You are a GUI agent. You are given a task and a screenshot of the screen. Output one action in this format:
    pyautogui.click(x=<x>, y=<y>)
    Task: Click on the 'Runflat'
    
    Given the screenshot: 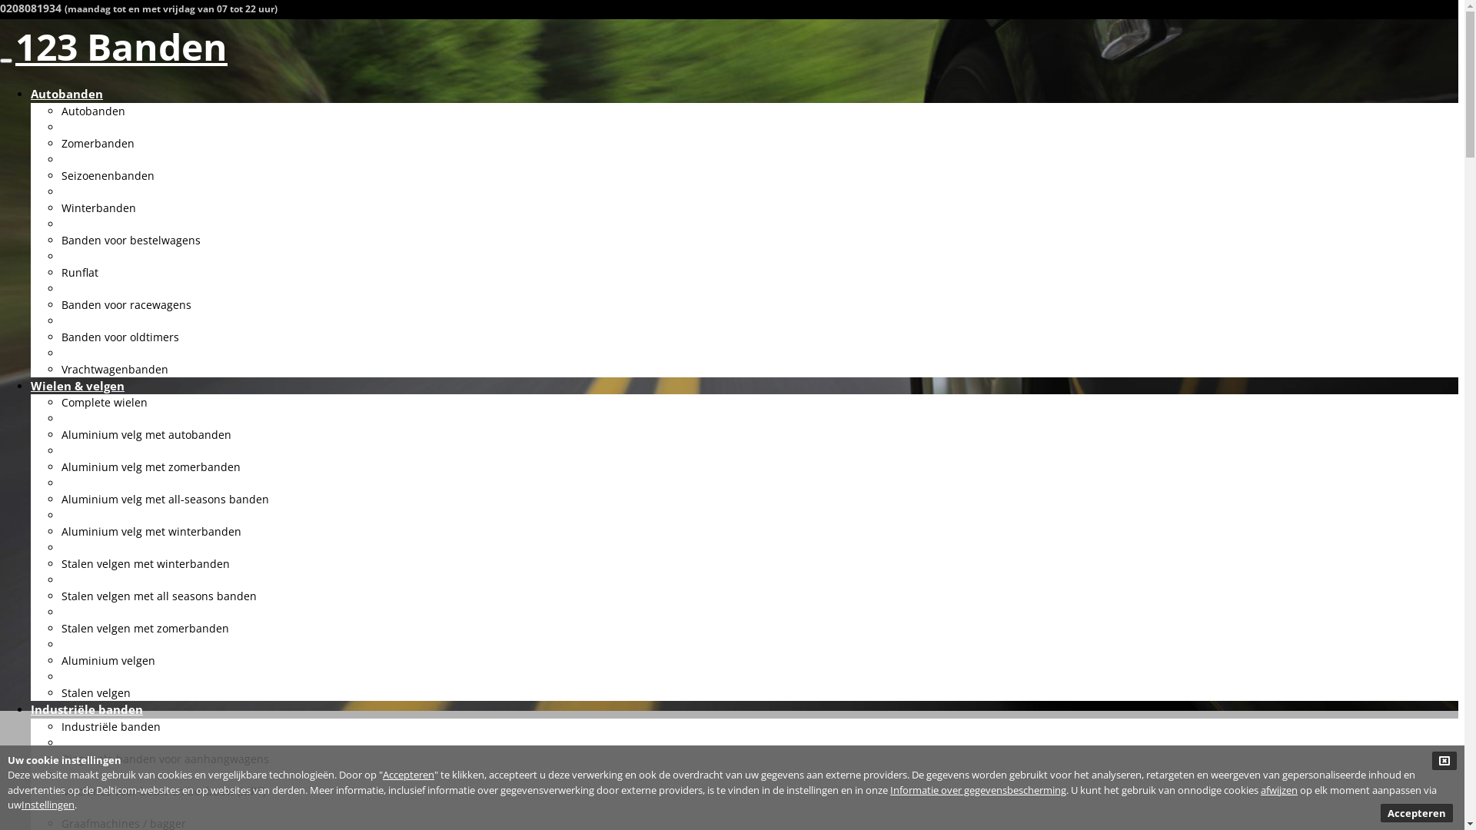 What is the action you would take?
    pyautogui.click(x=79, y=271)
    